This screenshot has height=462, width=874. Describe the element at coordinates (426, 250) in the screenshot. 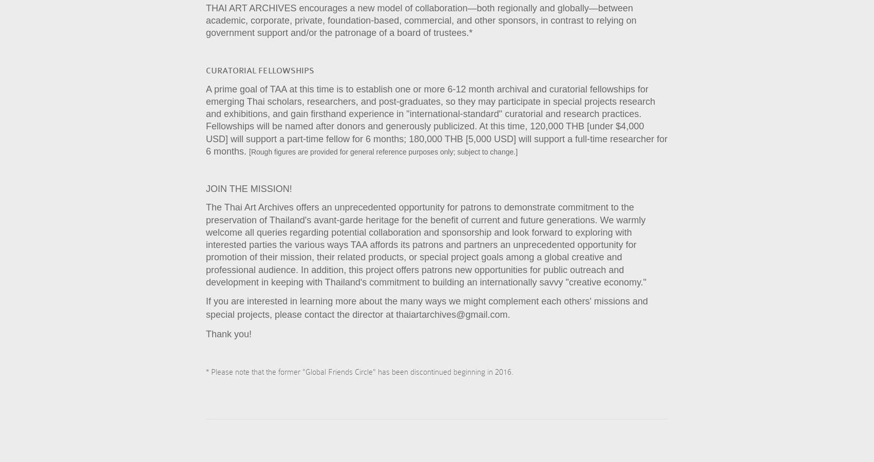

I see `'We warmly welcome all queries regarding potential collaboration and sponsorship and look forward to exploring with interested parties the various ways TAA affords its patrons and partners an unprecedented opportunity for promotion of their mission, their related products, or special project goals among a global creative and professional audience. In addition, this project offers patrons new opportunities for public outreach and development in keeping with Thailand's commitment to building an internationally savvy "creative economy."'` at that location.